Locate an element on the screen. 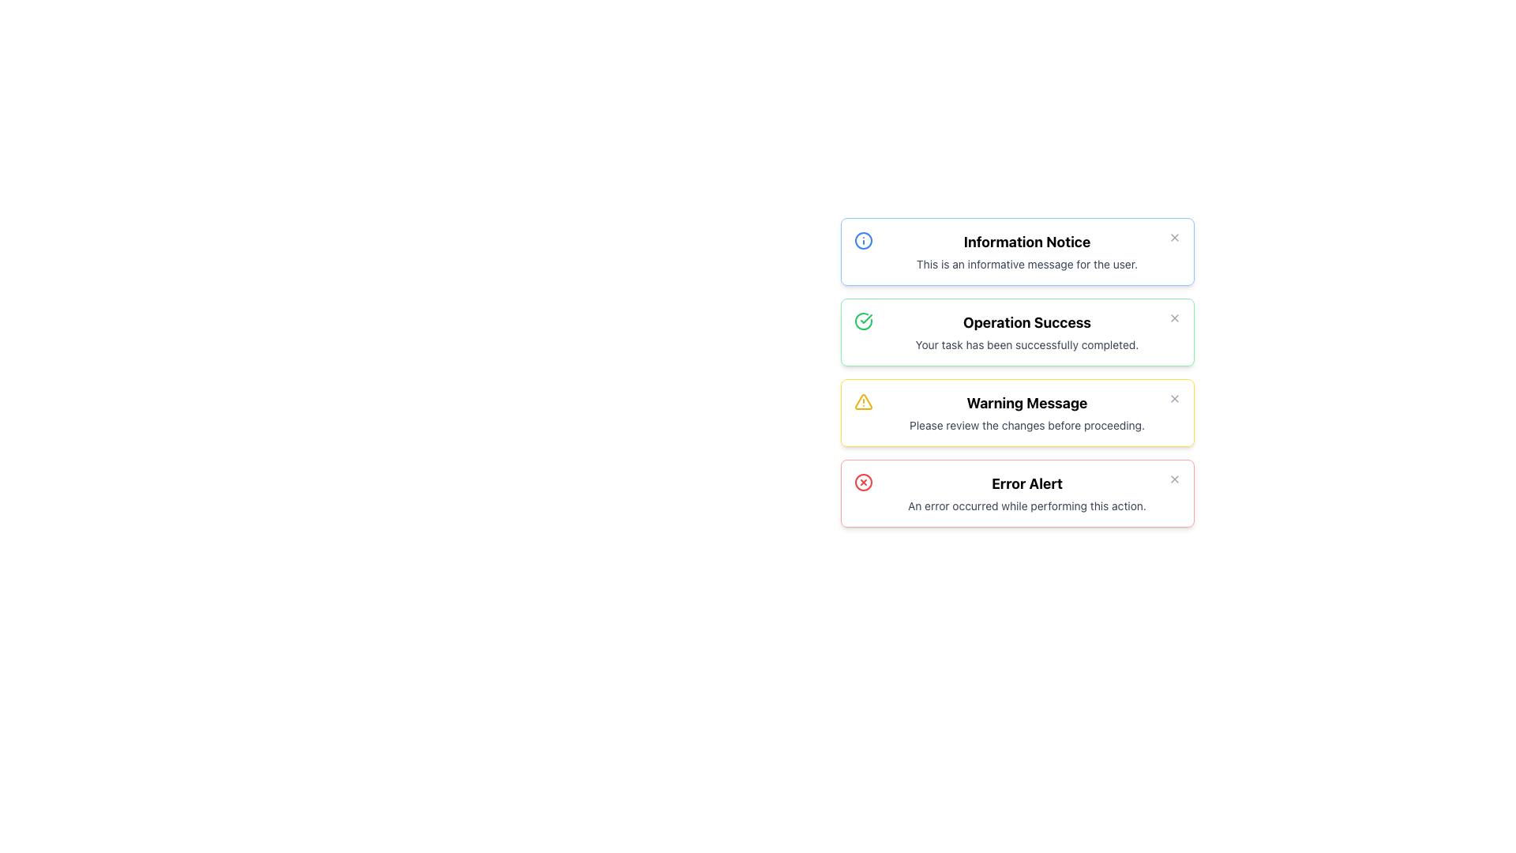  the first notification card in the notification area to focus on it is located at coordinates (1018, 251).